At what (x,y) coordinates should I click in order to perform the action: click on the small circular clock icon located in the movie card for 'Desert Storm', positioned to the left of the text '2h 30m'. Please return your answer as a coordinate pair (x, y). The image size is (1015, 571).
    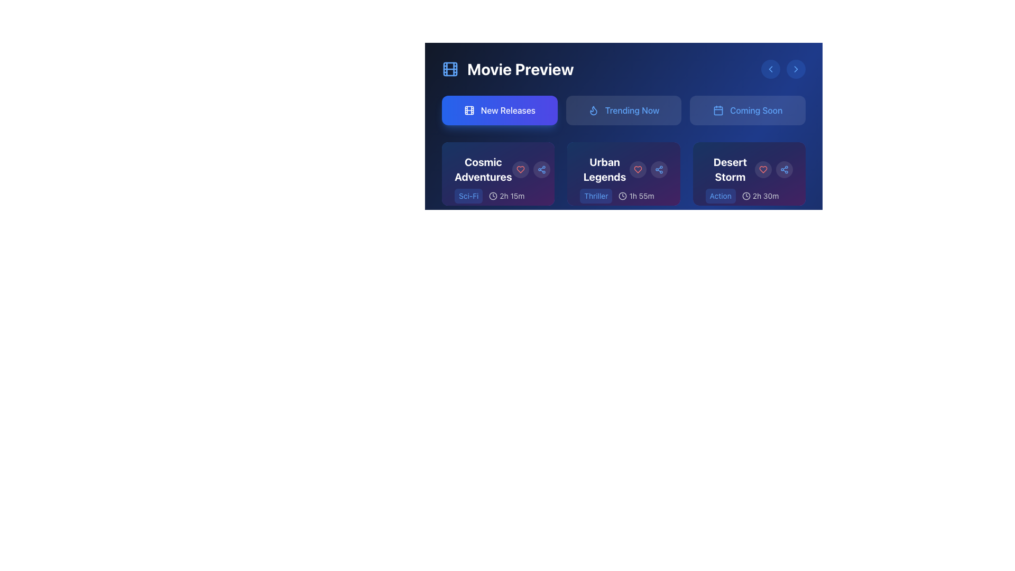
    Looking at the image, I should click on (745, 196).